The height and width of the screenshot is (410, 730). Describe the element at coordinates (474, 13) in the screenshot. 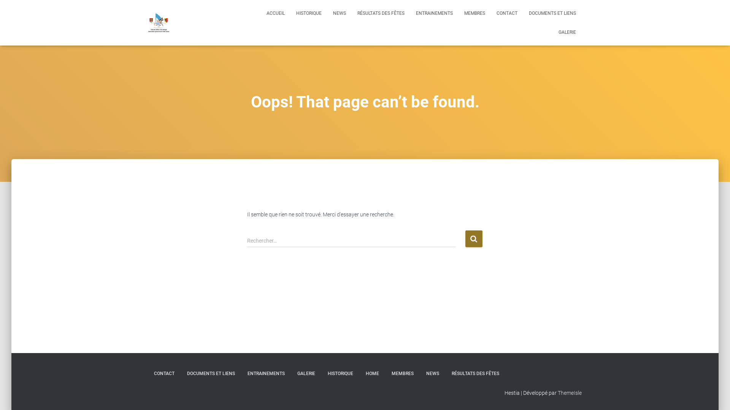

I see `'MEMBRES'` at that location.